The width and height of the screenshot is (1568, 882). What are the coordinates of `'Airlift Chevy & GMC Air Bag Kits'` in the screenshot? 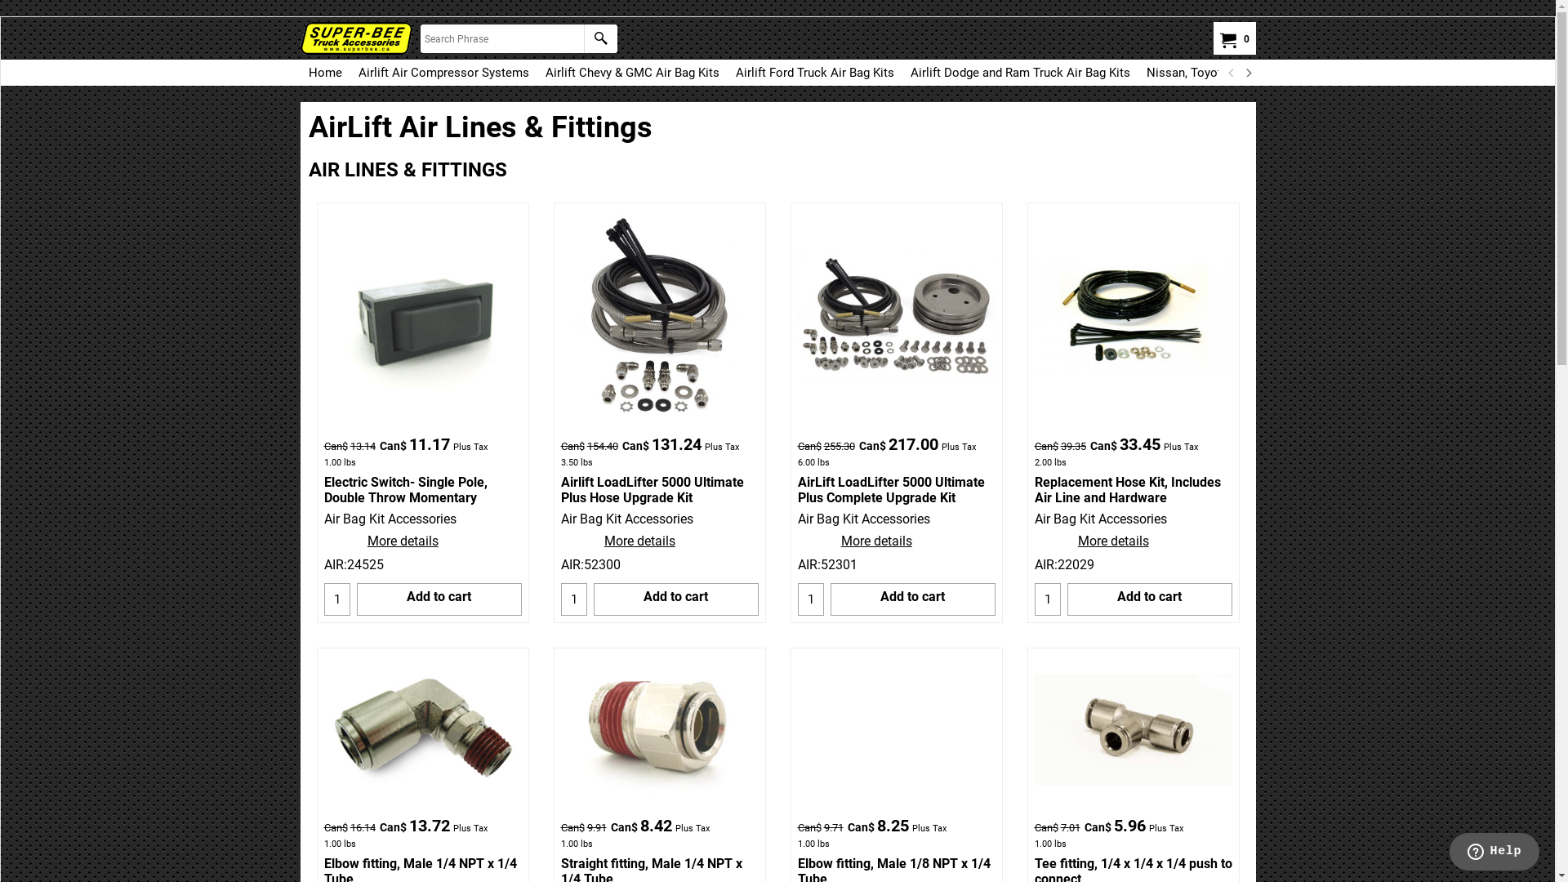 It's located at (631, 71).